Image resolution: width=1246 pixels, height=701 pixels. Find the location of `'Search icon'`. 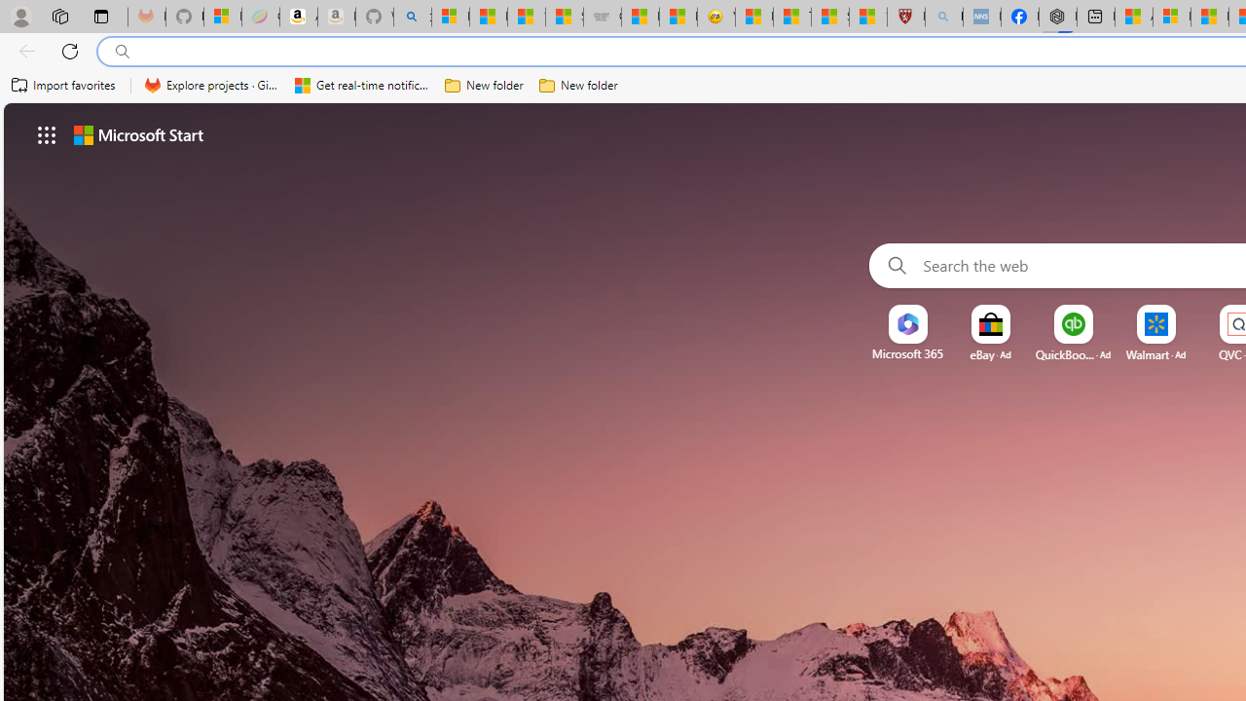

'Search icon' is located at coordinates (122, 51).